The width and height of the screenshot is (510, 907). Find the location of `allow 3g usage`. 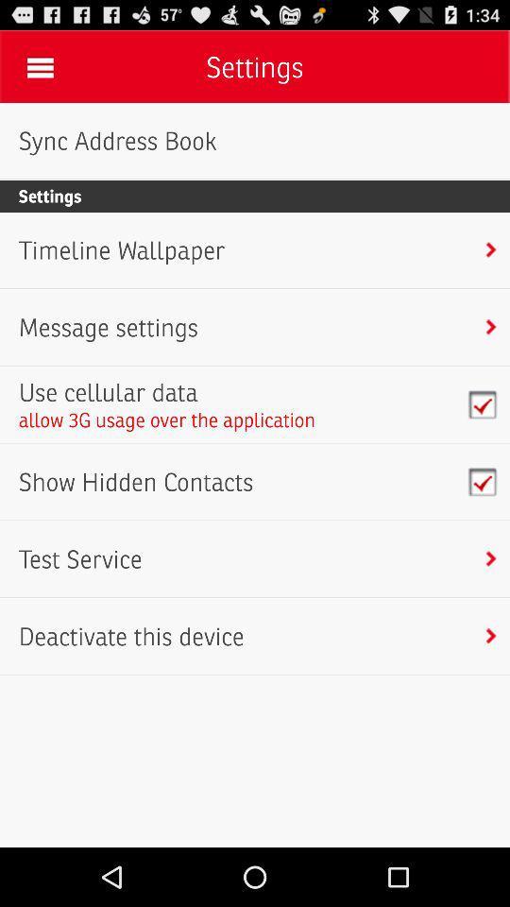

allow 3g usage is located at coordinates (167, 419).